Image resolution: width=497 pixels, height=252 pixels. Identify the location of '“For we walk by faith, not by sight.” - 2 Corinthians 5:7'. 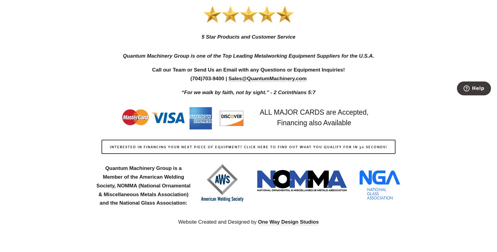
(248, 92).